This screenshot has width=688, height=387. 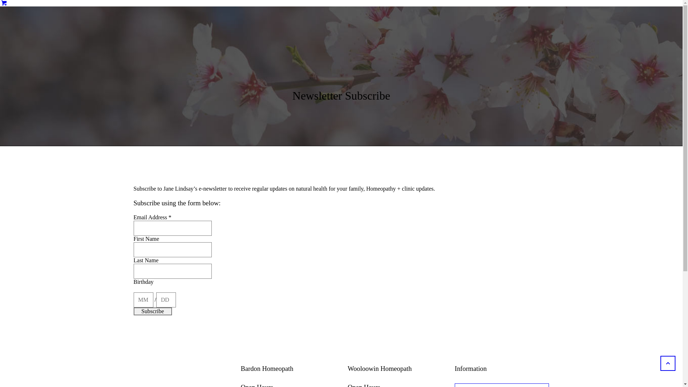 What do you see at coordinates (152, 311) in the screenshot?
I see `'Subscribe'` at bounding box center [152, 311].